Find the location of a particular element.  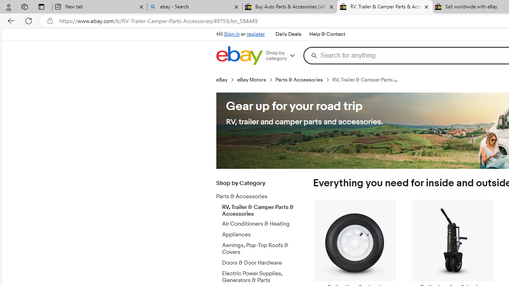

'eBay' is located at coordinates (226, 79).